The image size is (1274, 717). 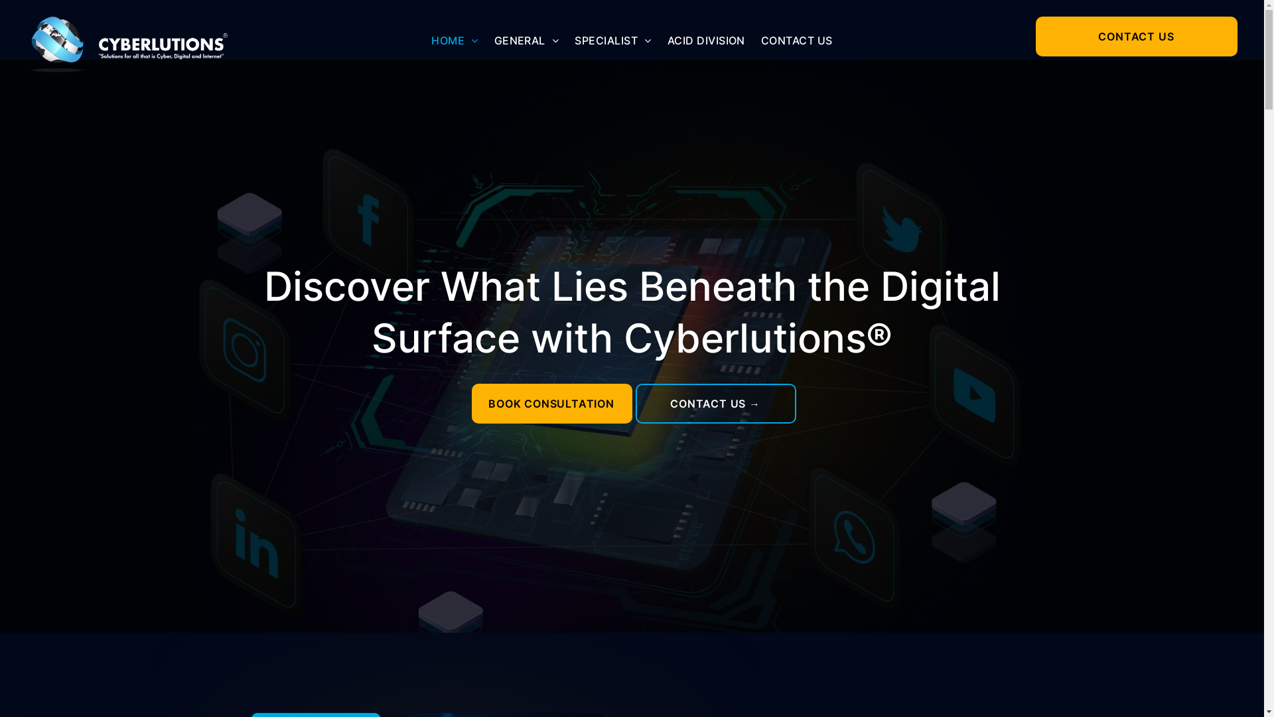 I want to click on 'HOME', so click(x=455, y=40).